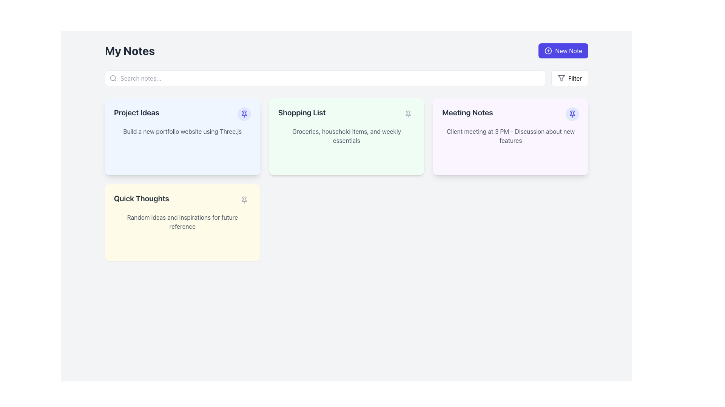  What do you see at coordinates (244, 200) in the screenshot?
I see `the button with an icon at the top-right corner of the yellow card labeled 'Quick Thoughts' to pin or unpin the card` at bounding box center [244, 200].